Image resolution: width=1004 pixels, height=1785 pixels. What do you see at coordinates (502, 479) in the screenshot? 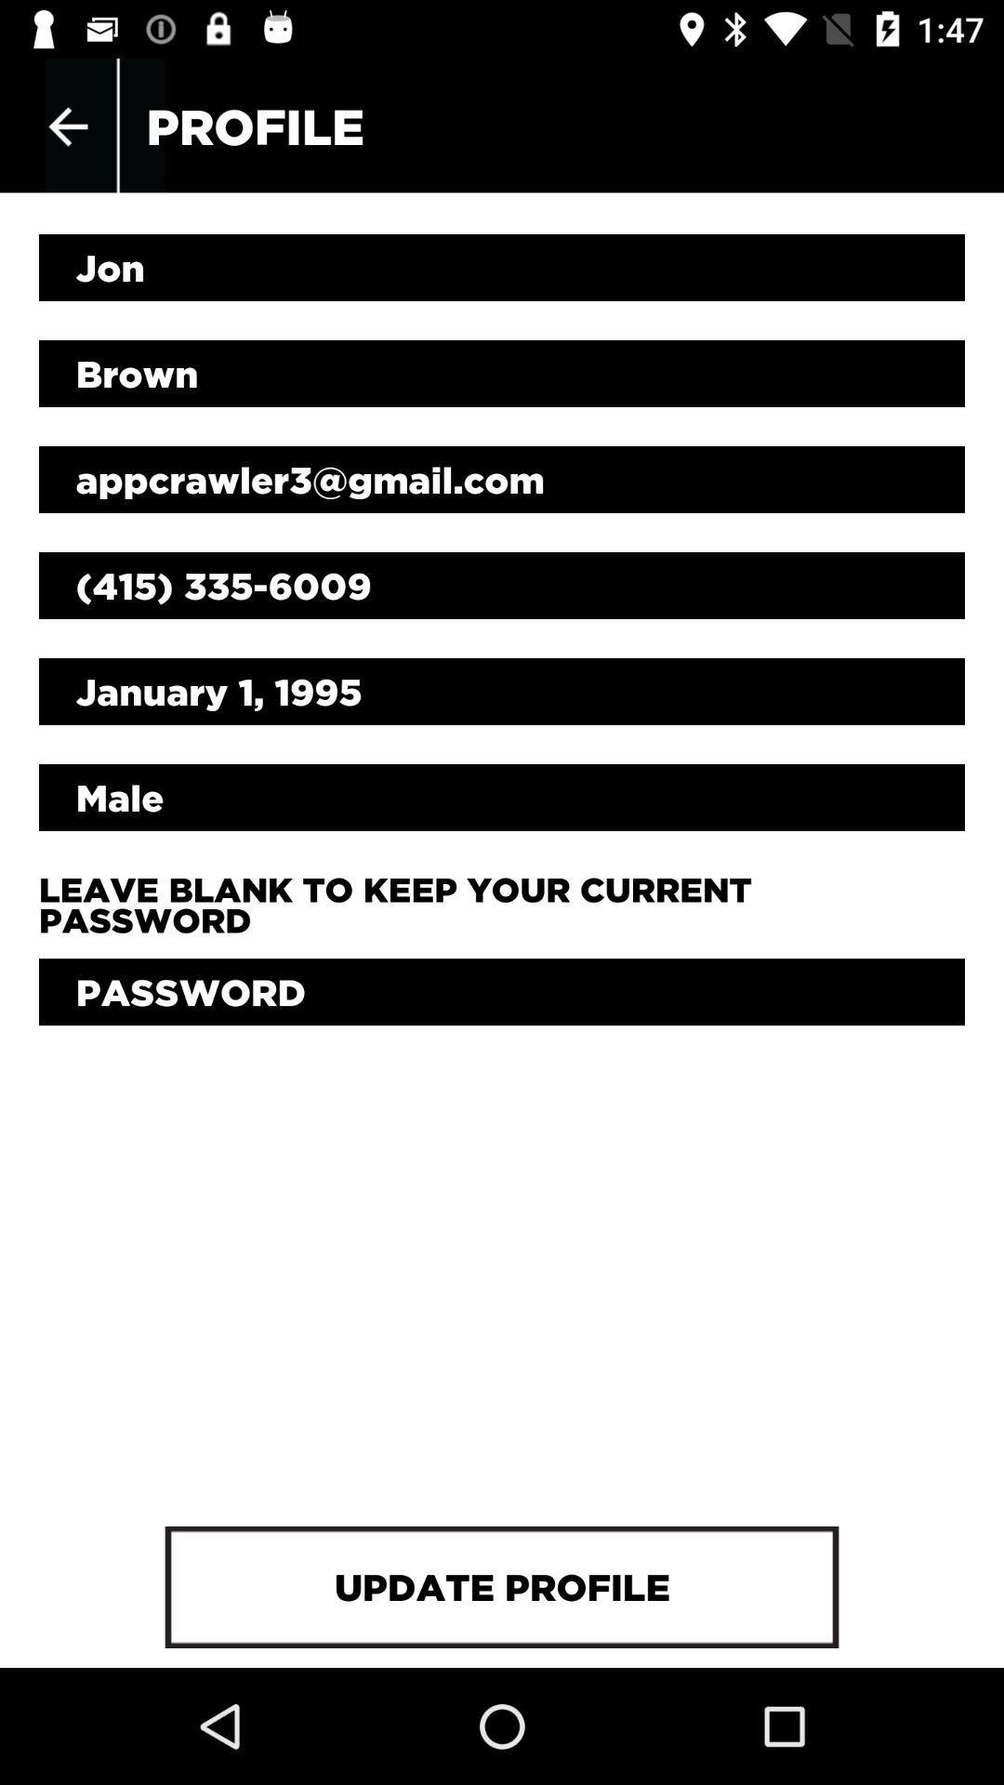
I see `the 3rd line below profile` at bounding box center [502, 479].